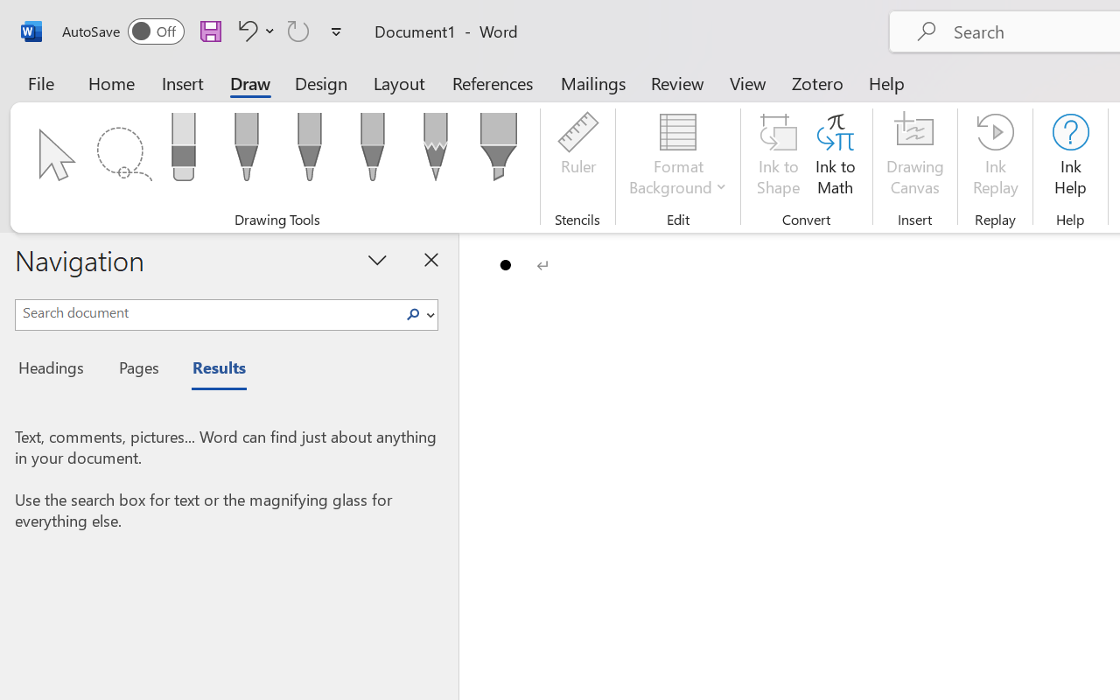 This screenshot has width=1120, height=700. What do you see at coordinates (578, 157) in the screenshot?
I see `'Ruler'` at bounding box center [578, 157].